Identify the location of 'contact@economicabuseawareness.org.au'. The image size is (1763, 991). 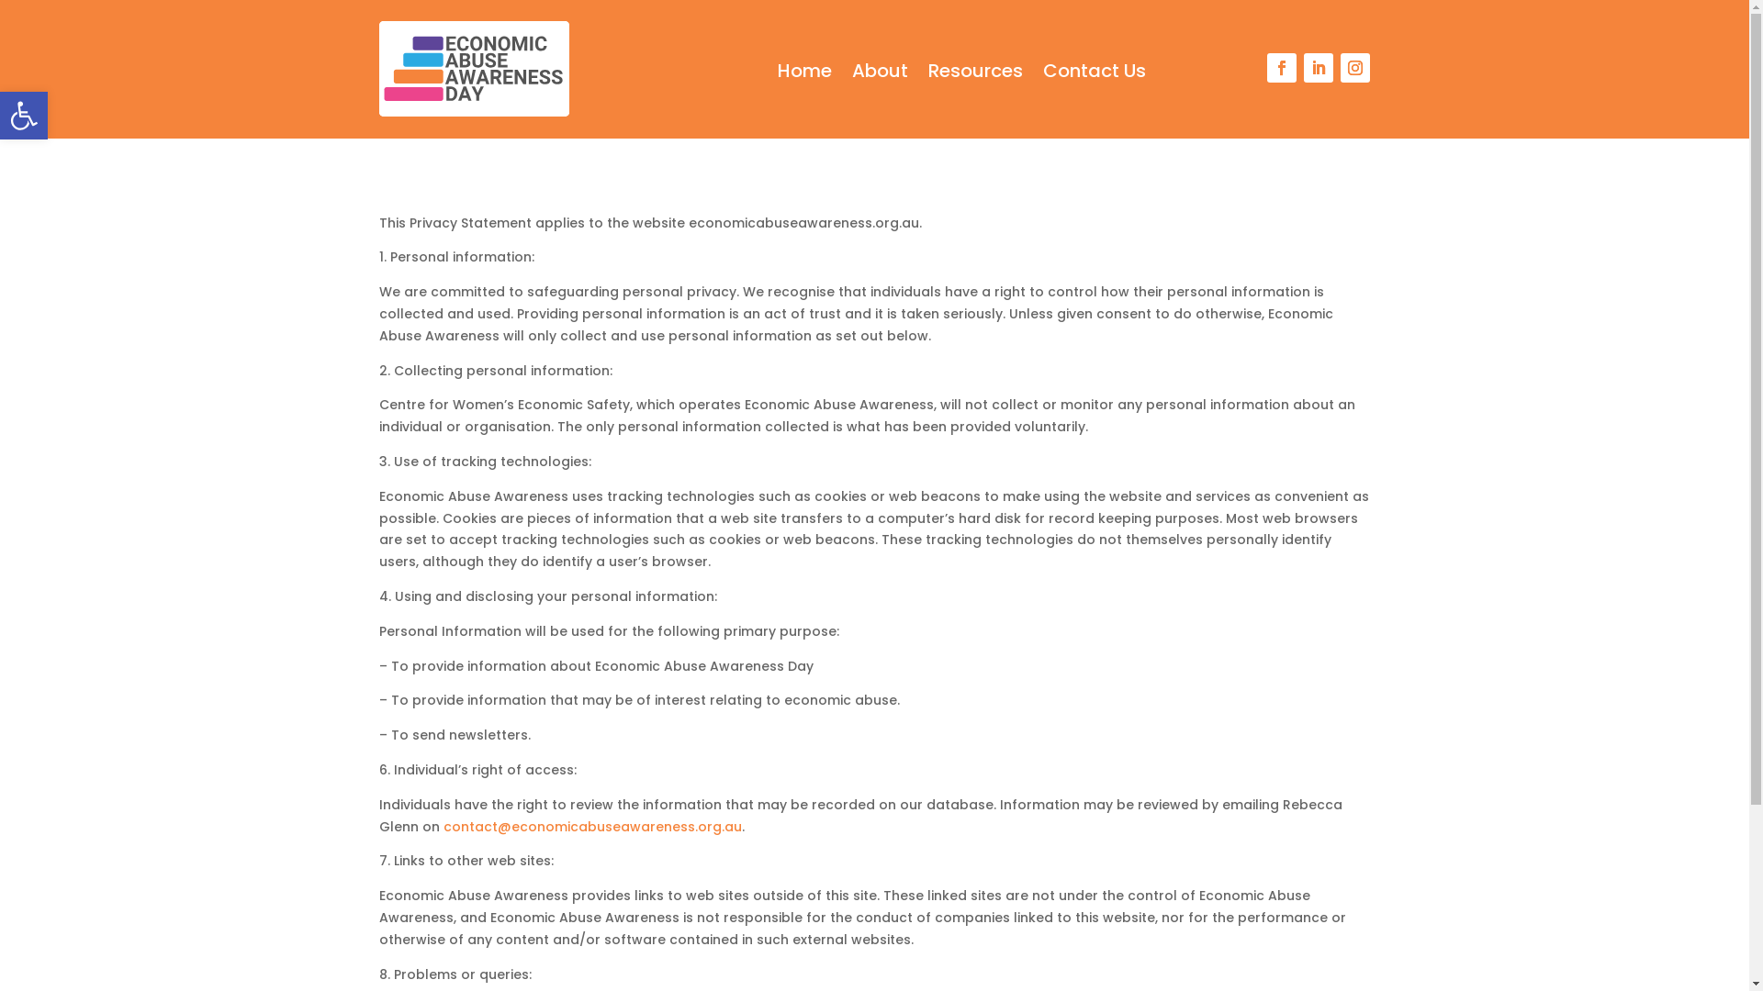
(591, 827).